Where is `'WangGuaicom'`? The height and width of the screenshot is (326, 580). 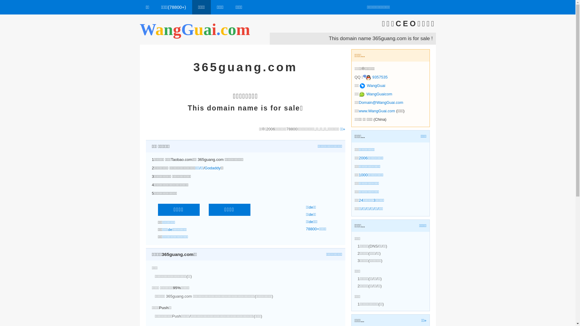 'WangGuaicom' is located at coordinates (359, 94).